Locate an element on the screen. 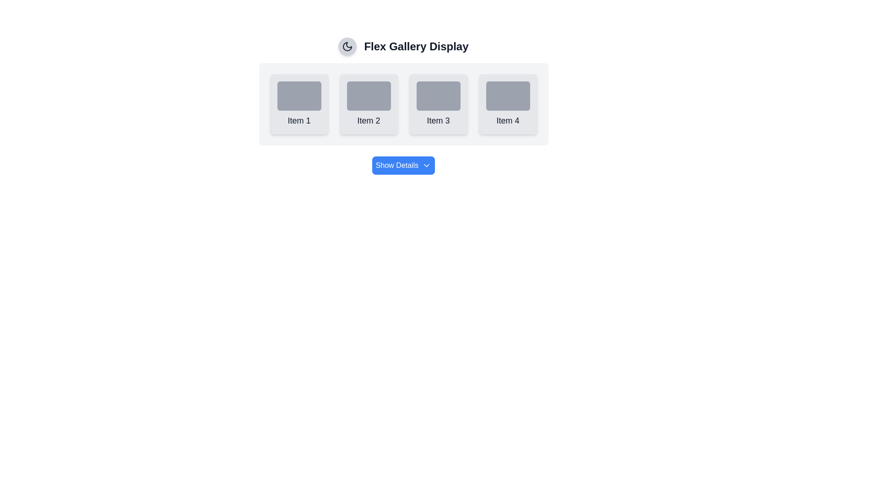 Image resolution: width=879 pixels, height=494 pixels. the button located below the grid items labeled 'Item 1' through 'Item 4' is located at coordinates (403, 166).